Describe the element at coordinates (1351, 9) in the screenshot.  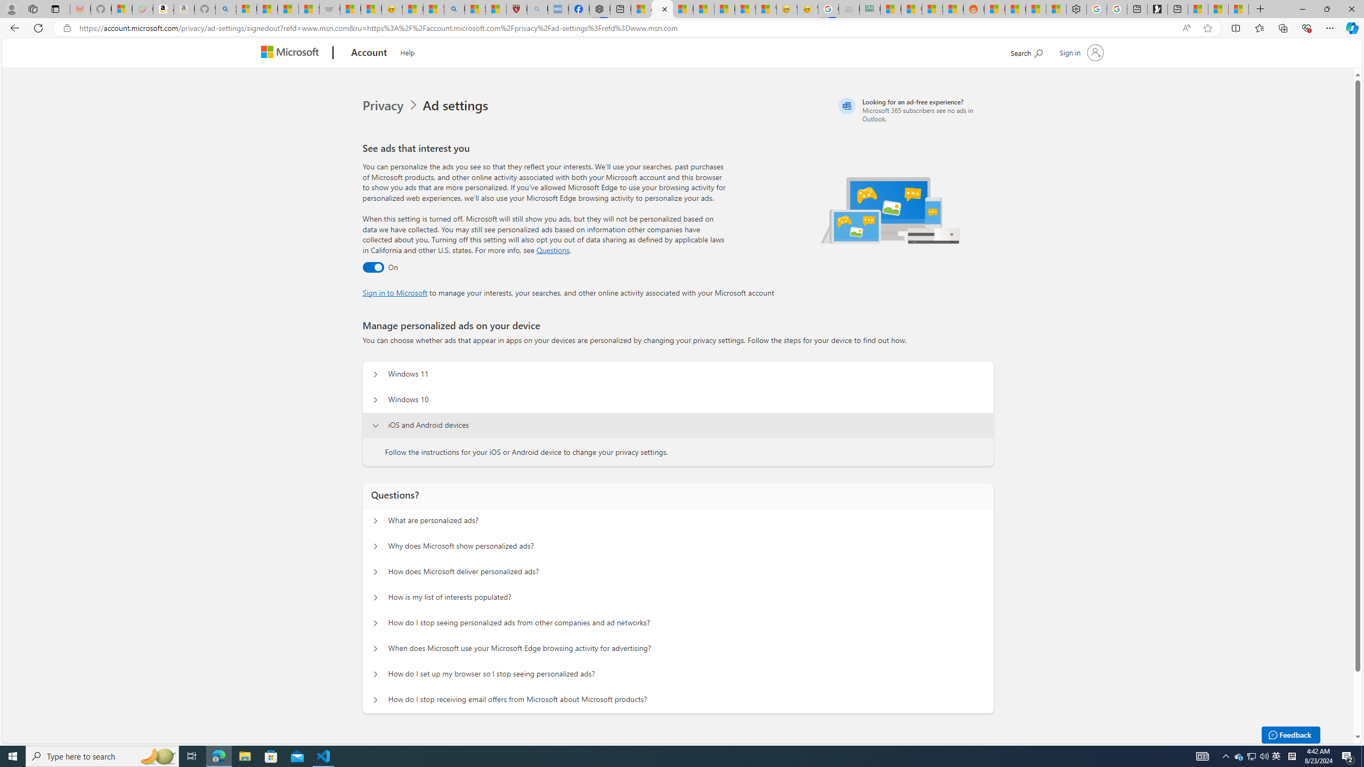
I see `'Close'` at that location.